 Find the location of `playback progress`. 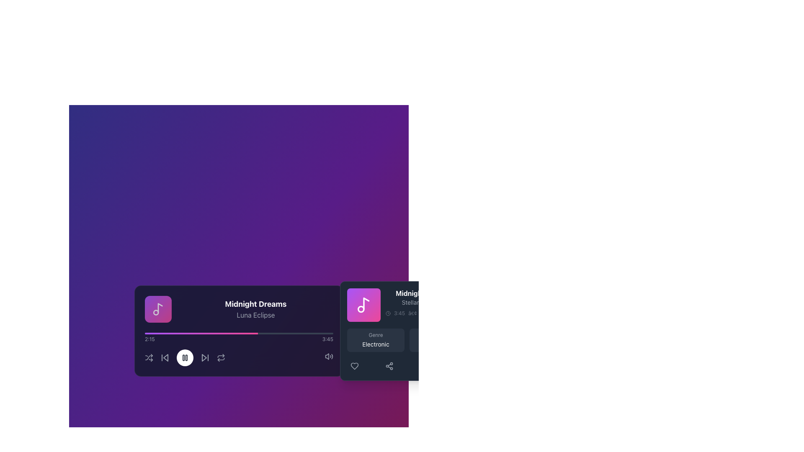

playback progress is located at coordinates (278, 333).